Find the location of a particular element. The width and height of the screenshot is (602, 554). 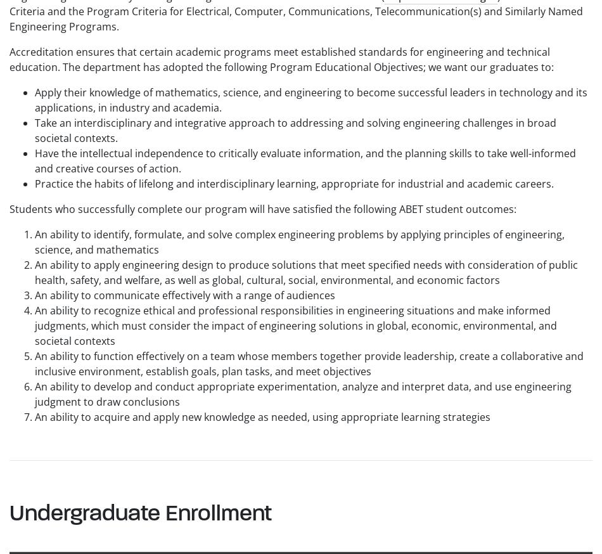

'An ability to recognize ethical and professional responsibilities in engineering situations and make informed judgments, which must consider the impact of engineering solutions in global, economic, environmental, and societal contexts' is located at coordinates (35, 325).